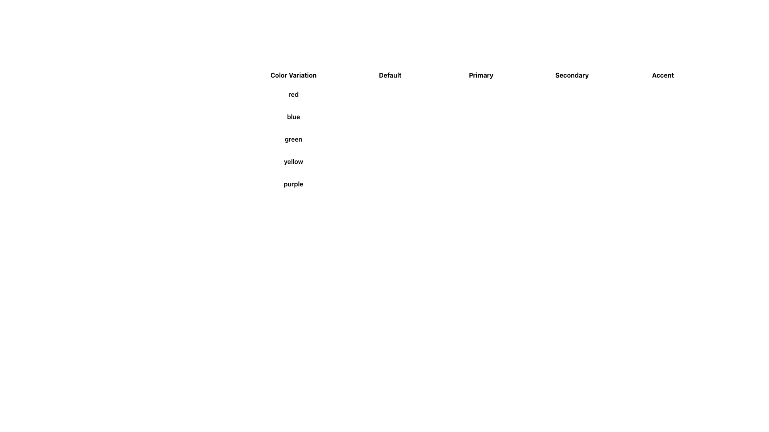  I want to click on the button labeled 'blue' located in the 'Default' column of the grid structure, so click(367, 117).